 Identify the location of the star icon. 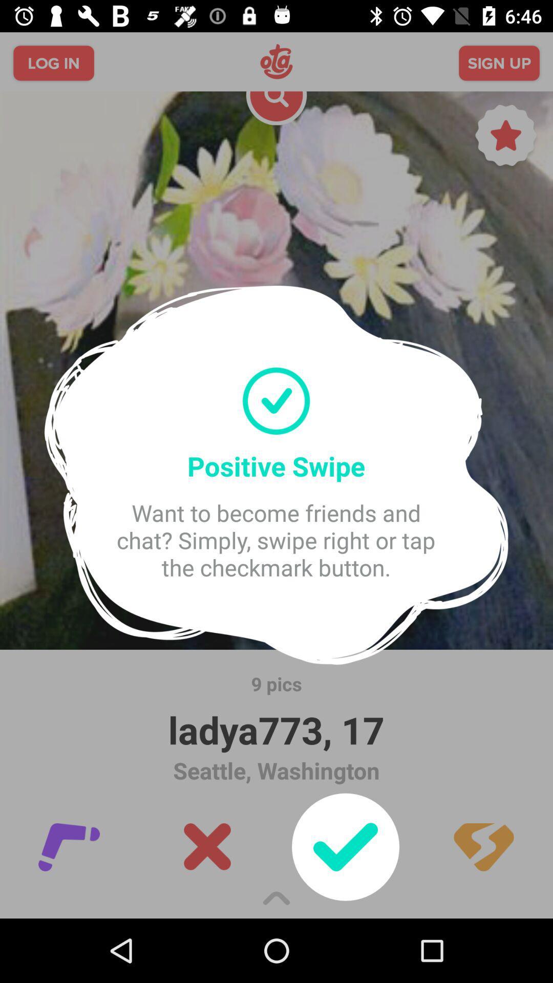
(505, 138).